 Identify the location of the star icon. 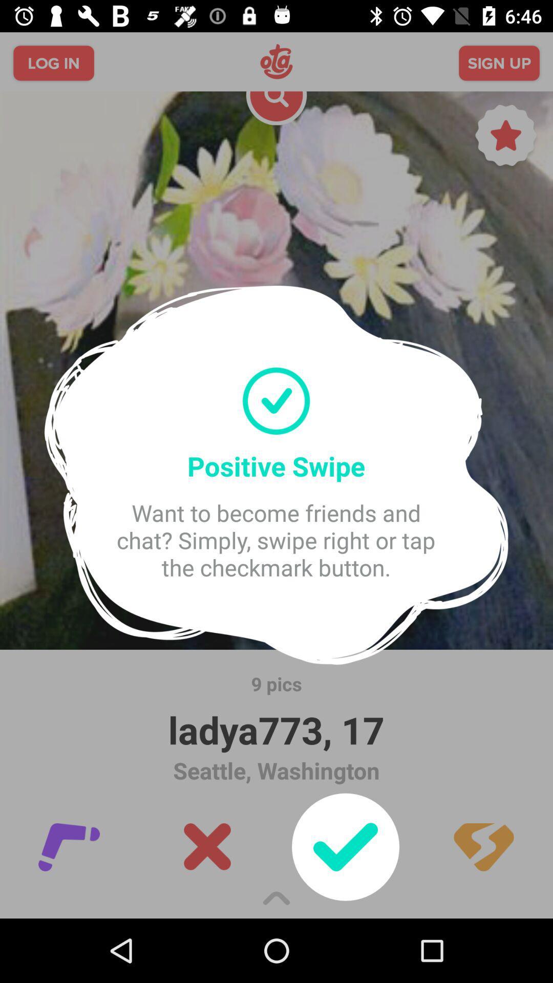
(505, 138).